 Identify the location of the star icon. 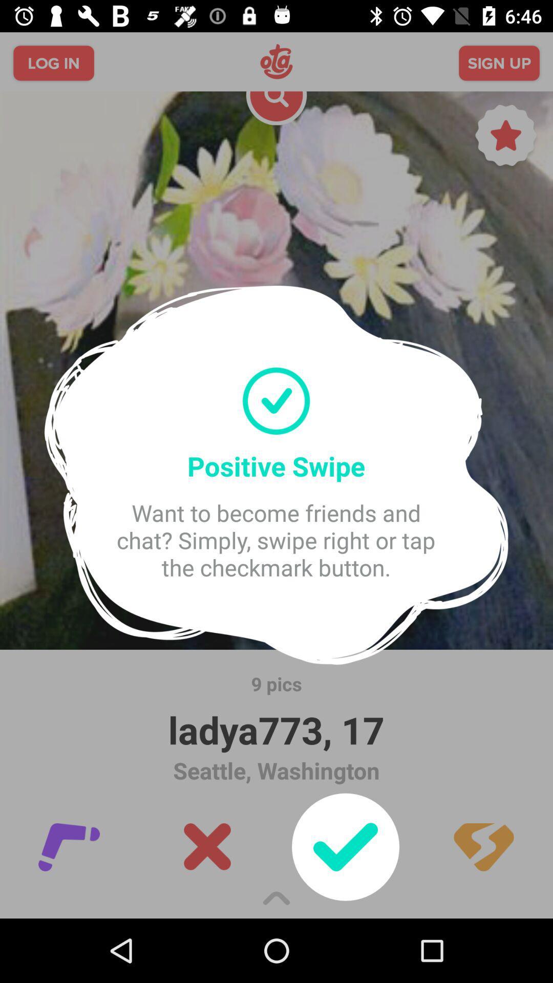
(505, 138).